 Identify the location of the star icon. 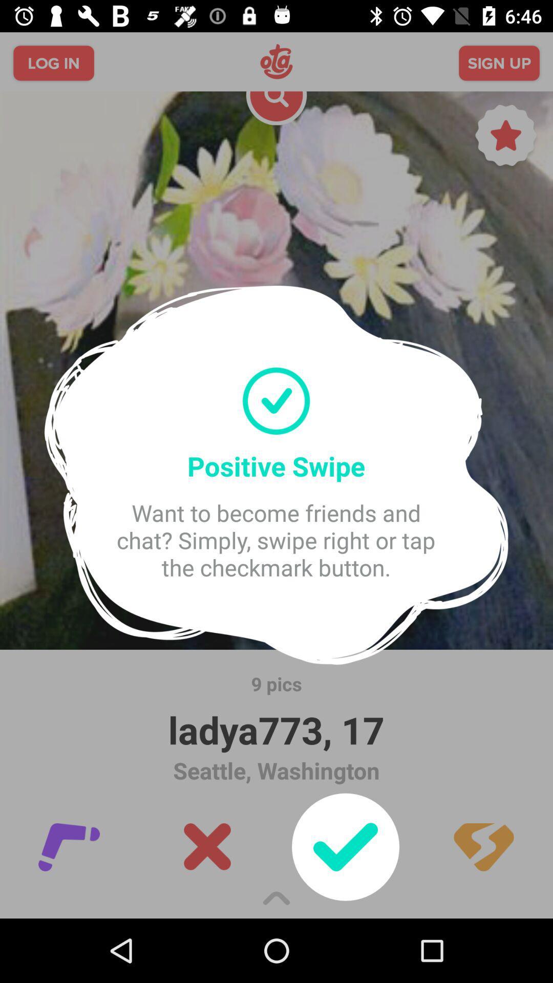
(505, 138).